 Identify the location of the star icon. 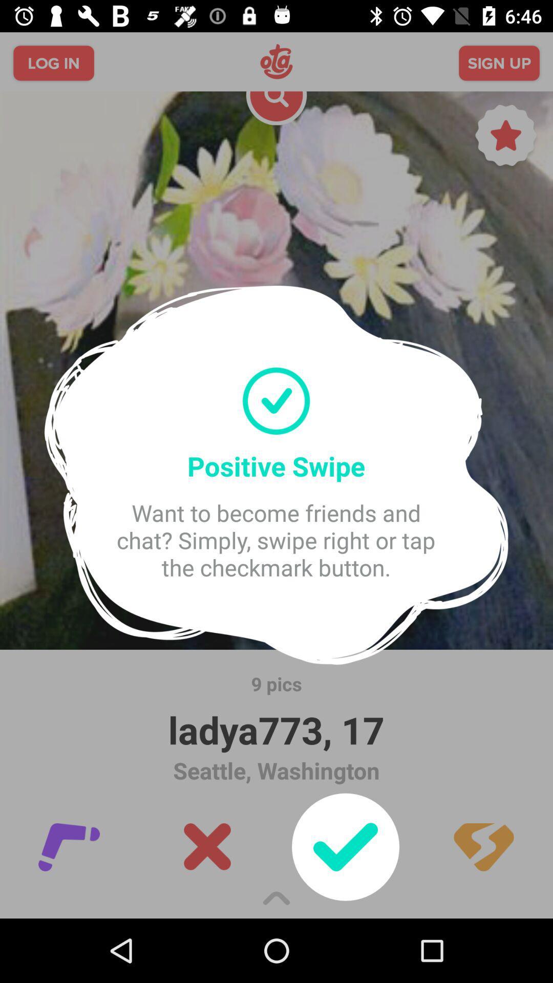
(505, 138).